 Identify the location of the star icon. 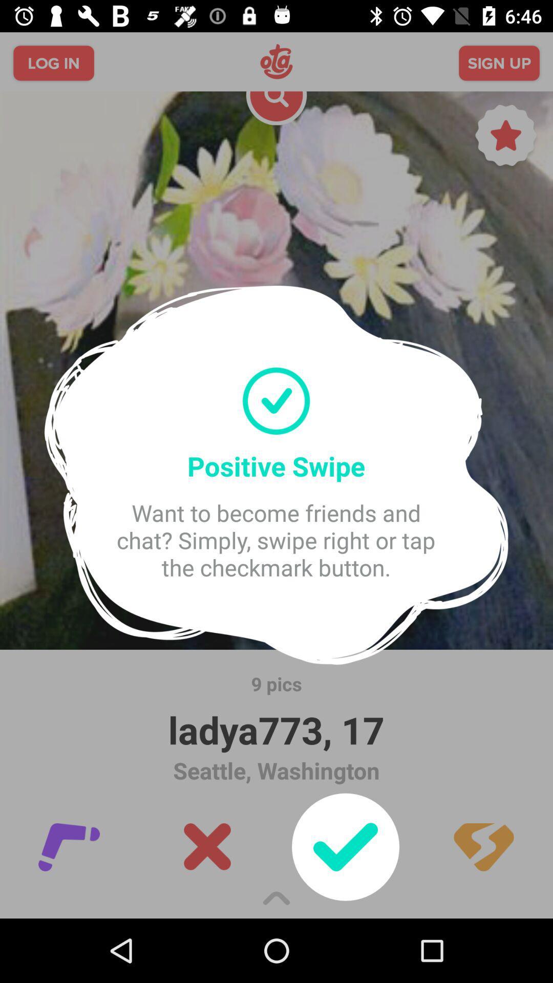
(505, 138).